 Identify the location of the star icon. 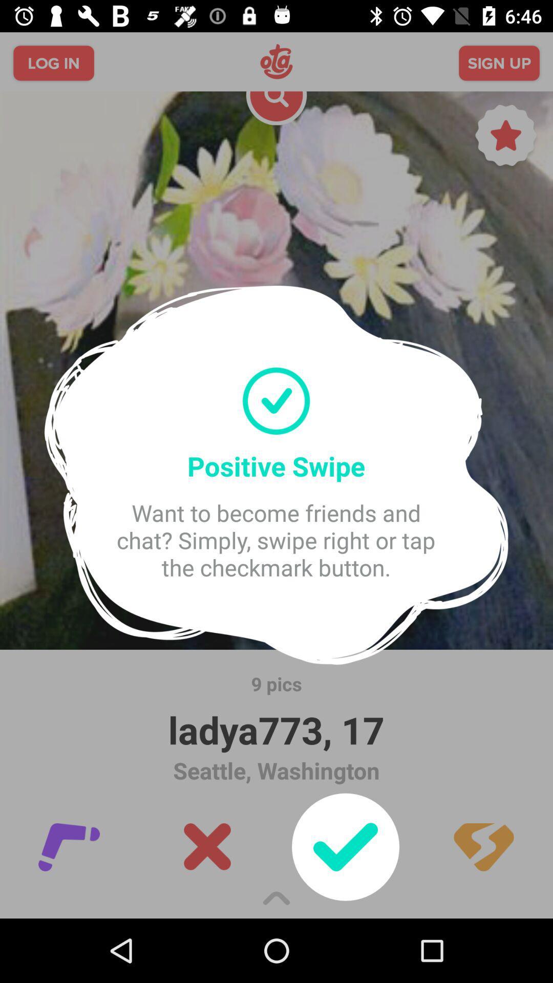
(505, 138).